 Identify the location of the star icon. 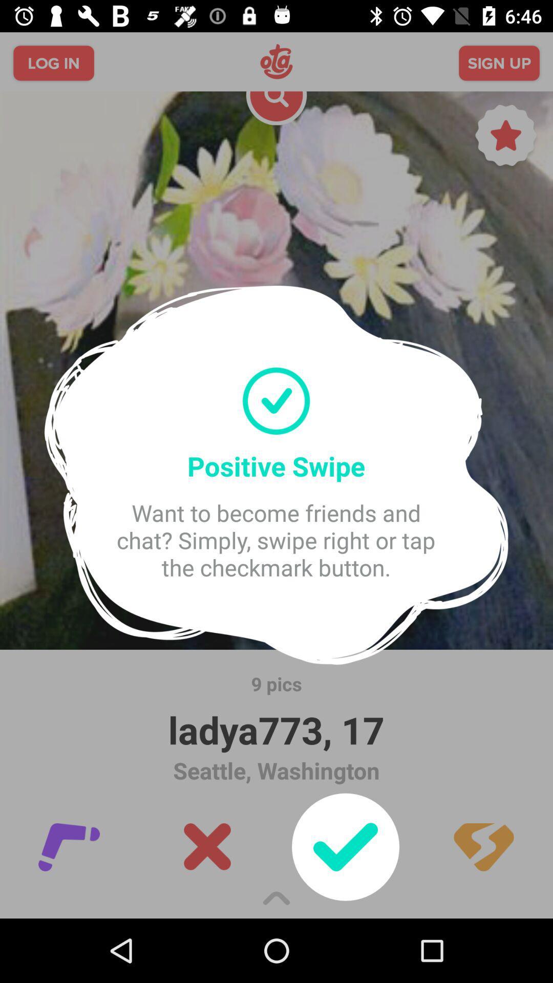
(505, 138).